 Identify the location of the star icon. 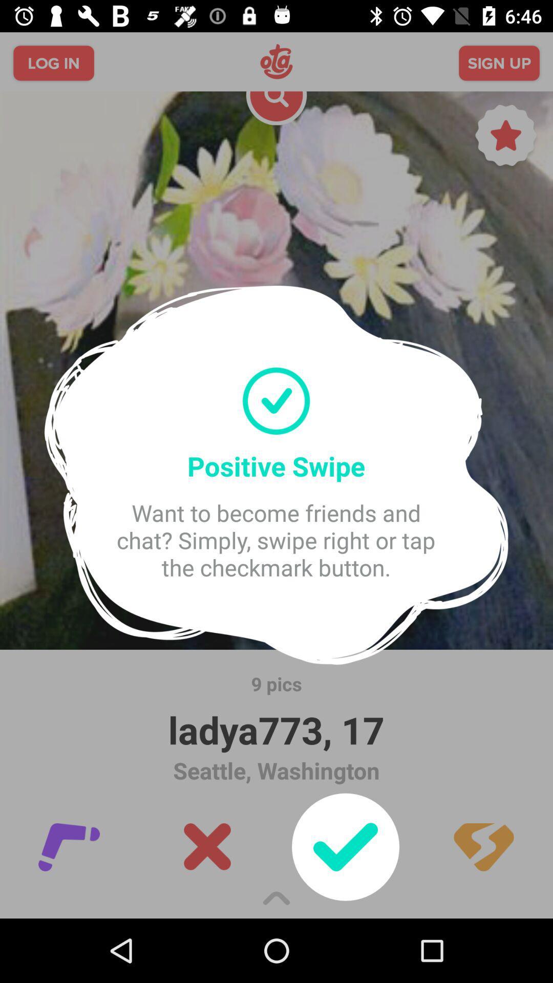
(505, 138).